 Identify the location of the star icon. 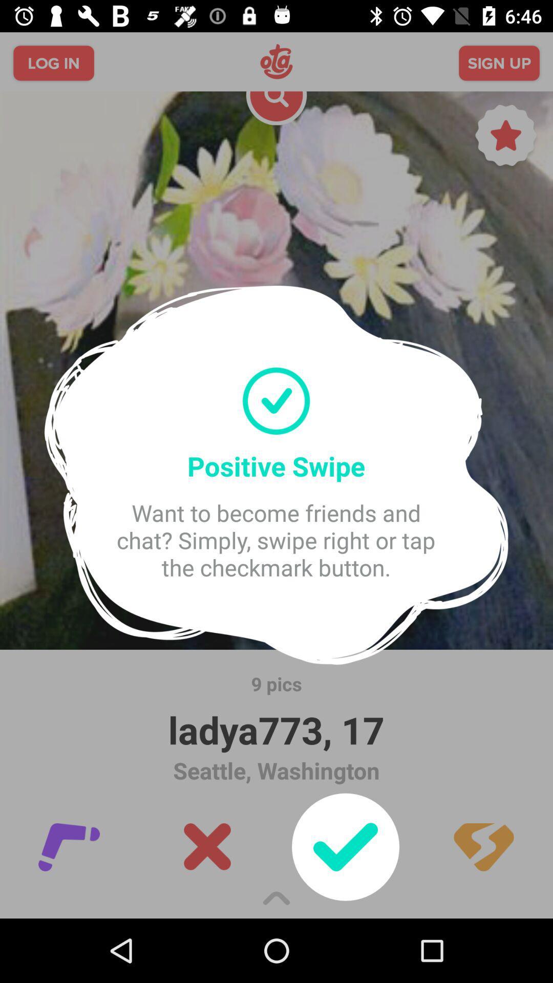
(505, 138).